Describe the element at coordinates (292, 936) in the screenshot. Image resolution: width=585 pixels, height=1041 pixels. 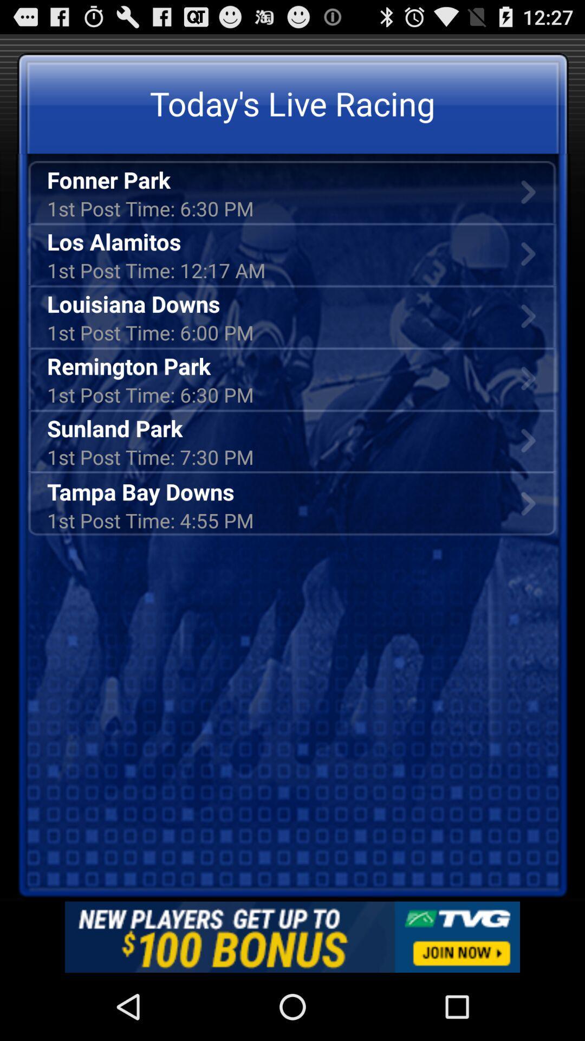
I see `this is add on the app` at that location.